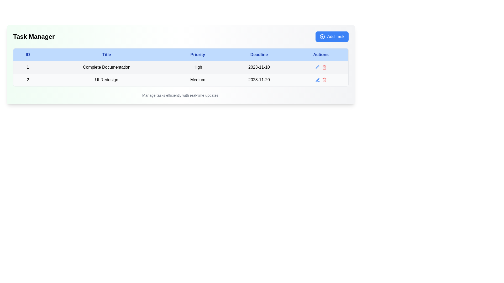 This screenshot has height=283, width=504. I want to click on the 'High' text label in the 'Priority' column of the first row in the table, which signifies a high priority level, so click(197, 67).